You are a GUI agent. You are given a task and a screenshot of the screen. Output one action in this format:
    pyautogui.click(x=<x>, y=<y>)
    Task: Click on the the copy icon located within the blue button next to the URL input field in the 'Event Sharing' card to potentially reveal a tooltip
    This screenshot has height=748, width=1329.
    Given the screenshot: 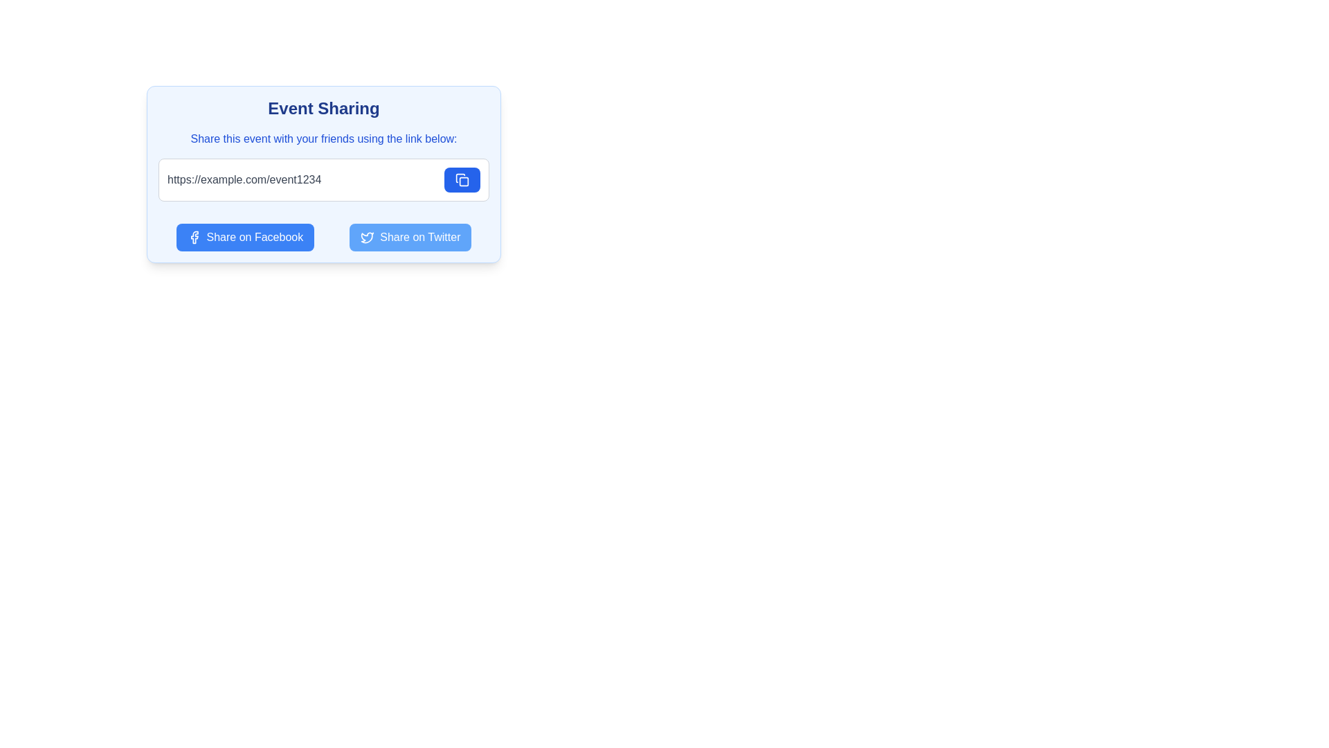 What is the action you would take?
    pyautogui.click(x=462, y=179)
    